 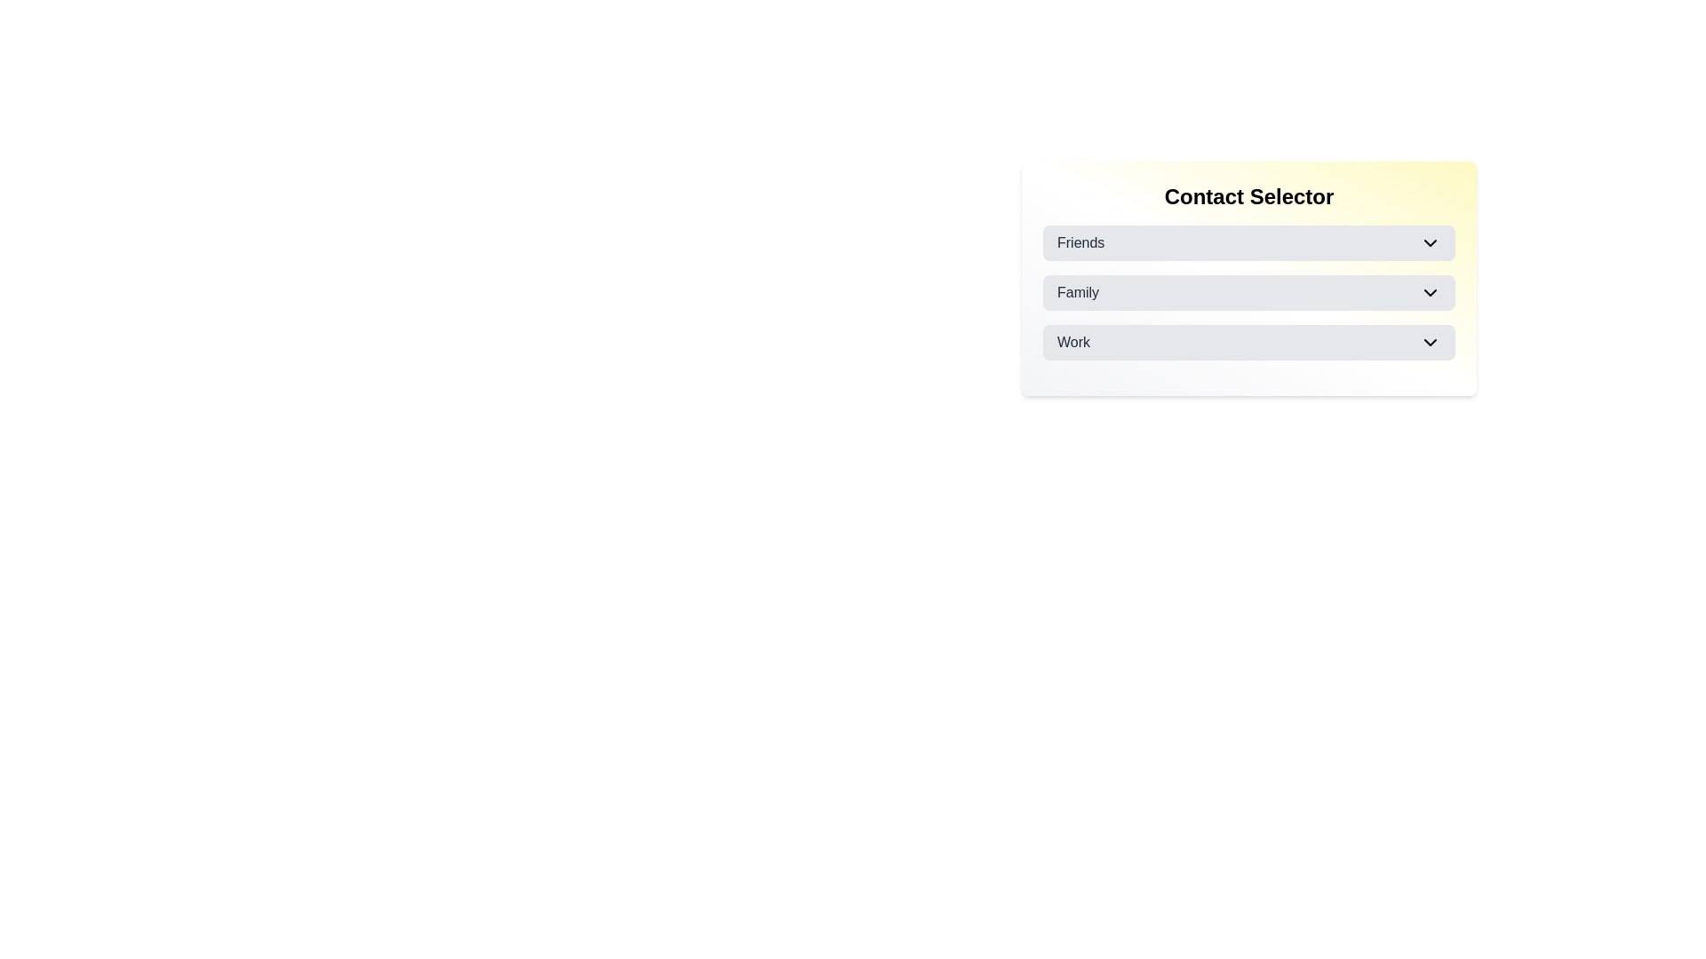 I want to click on the dropdown selector labeled 'Friends', which is the first item below the 'Contact Selector' heading in a vertical list, so click(x=1248, y=242).